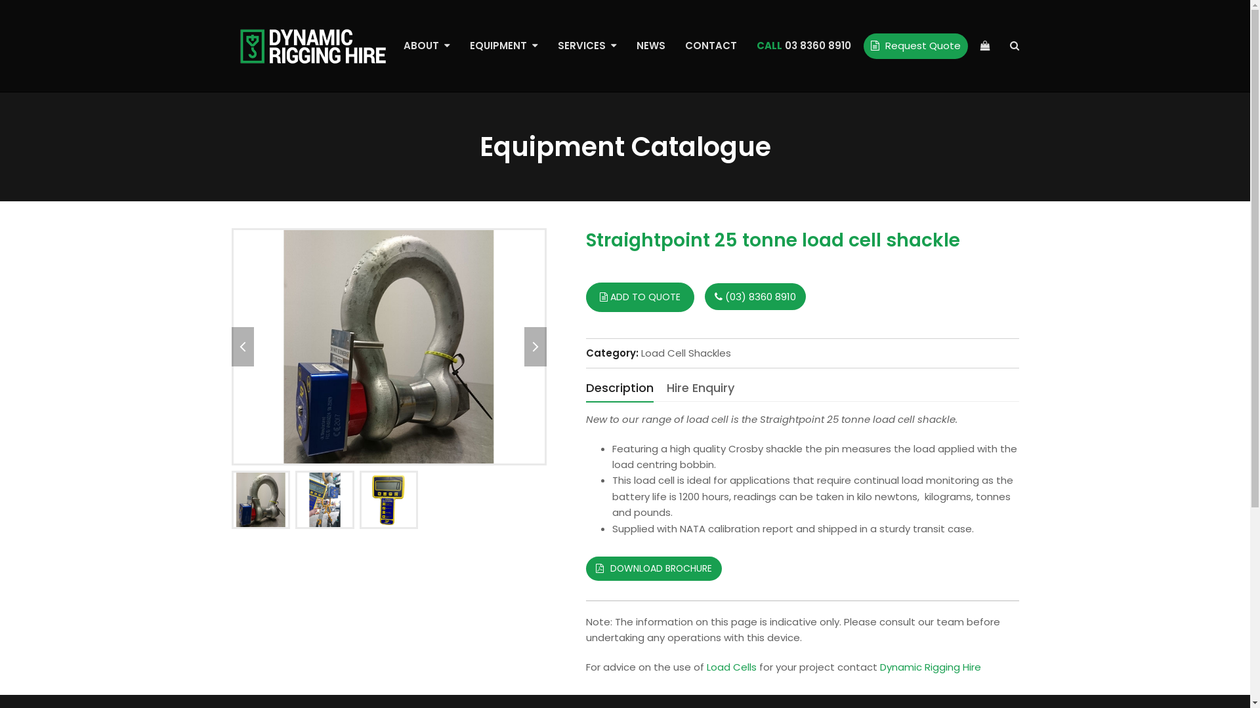 This screenshot has height=708, width=1260. Describe the element at coordinates (448, 462) in the screenshot. I see `'Submit'` at that location.